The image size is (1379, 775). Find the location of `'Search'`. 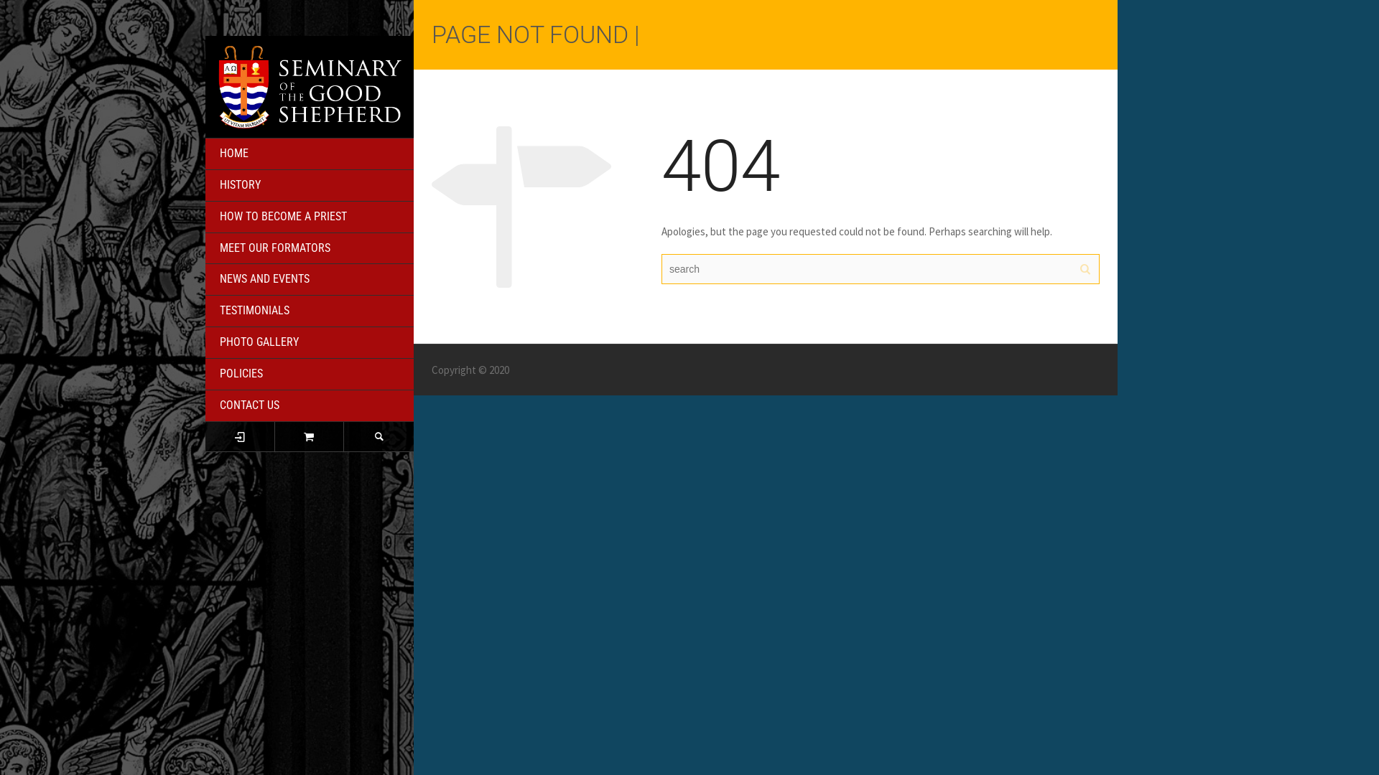

'Search' is located at coordinates (343, 436).